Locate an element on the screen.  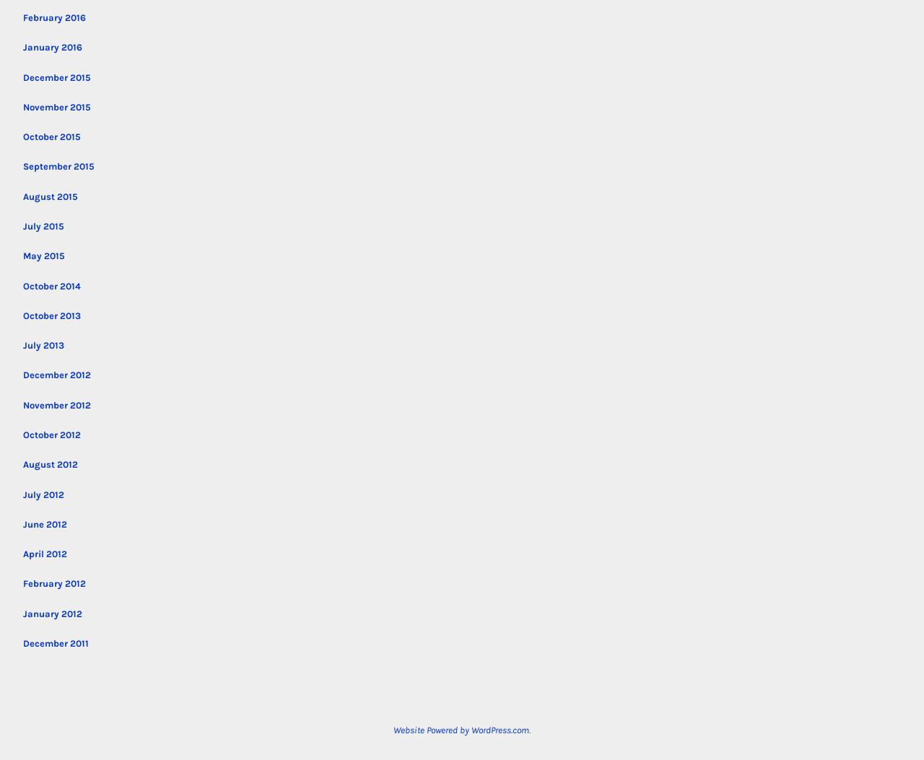
'.' is located at coordinates (528, 728).